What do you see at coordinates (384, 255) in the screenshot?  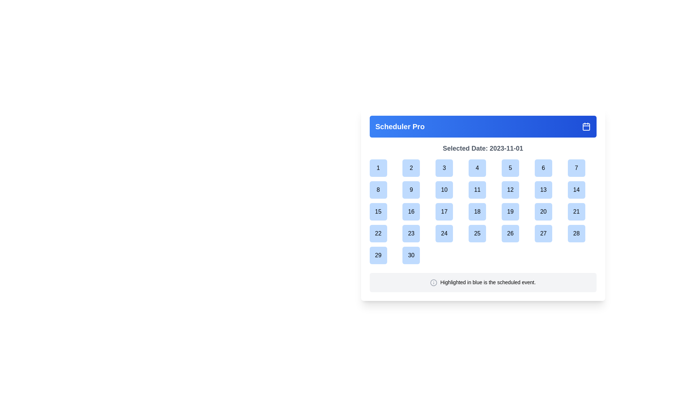 I see `the calendar date cell representing the date '29'` at bounding box center [384, 255].